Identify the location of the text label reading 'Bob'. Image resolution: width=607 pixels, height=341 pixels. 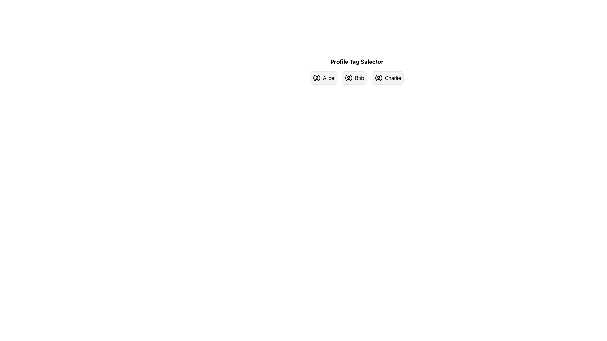
(359, 77).